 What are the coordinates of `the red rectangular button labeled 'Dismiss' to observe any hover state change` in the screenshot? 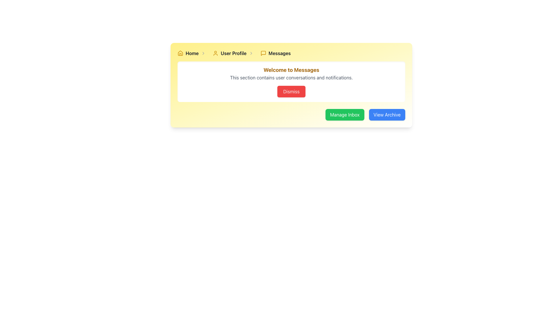 It's located at (291, 91).